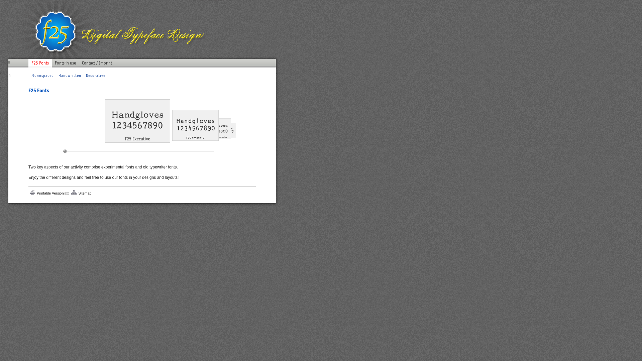 The image size is (642, 361). What do you see at coordinates (42, 75) in the screenshot?
I see `'Monospaced'` at bounding box center [42, 75].